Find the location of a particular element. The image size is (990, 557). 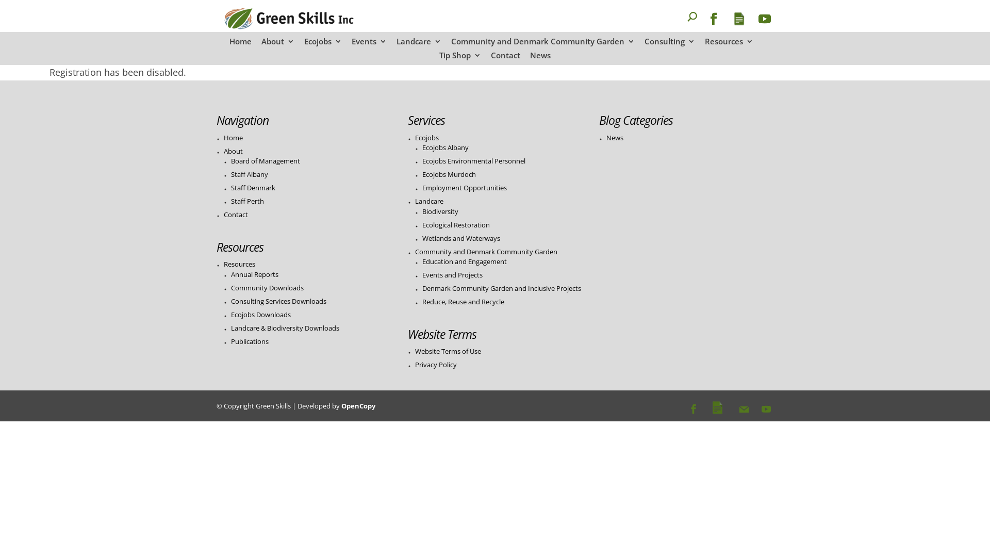

'Wetlands and Waterways' is located at coordinates (422, 238).